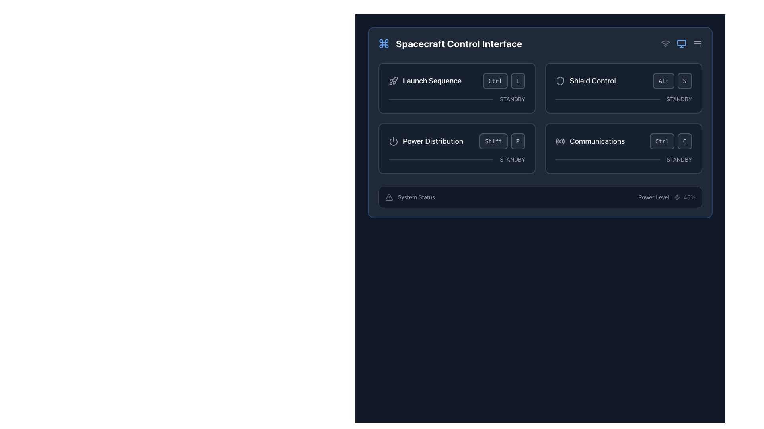 The width and height of the screenshot is (764, 429). What do you see at coordinates (623, 99) in the screenshot?
I see `the shield control` at bounding box center [623, 99].